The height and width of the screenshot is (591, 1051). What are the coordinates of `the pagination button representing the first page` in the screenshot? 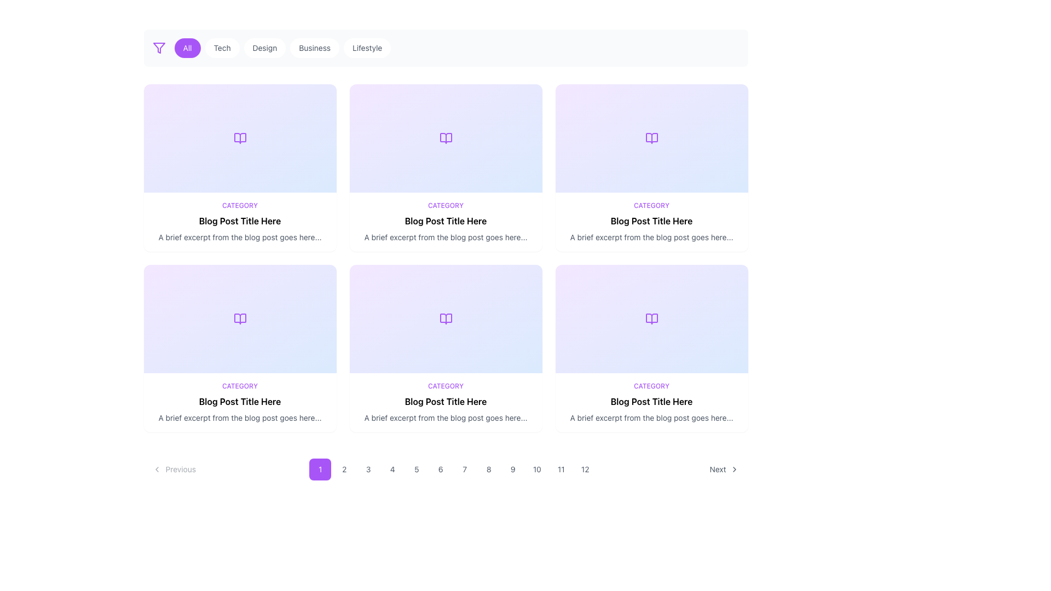 It's located at (320, 468).